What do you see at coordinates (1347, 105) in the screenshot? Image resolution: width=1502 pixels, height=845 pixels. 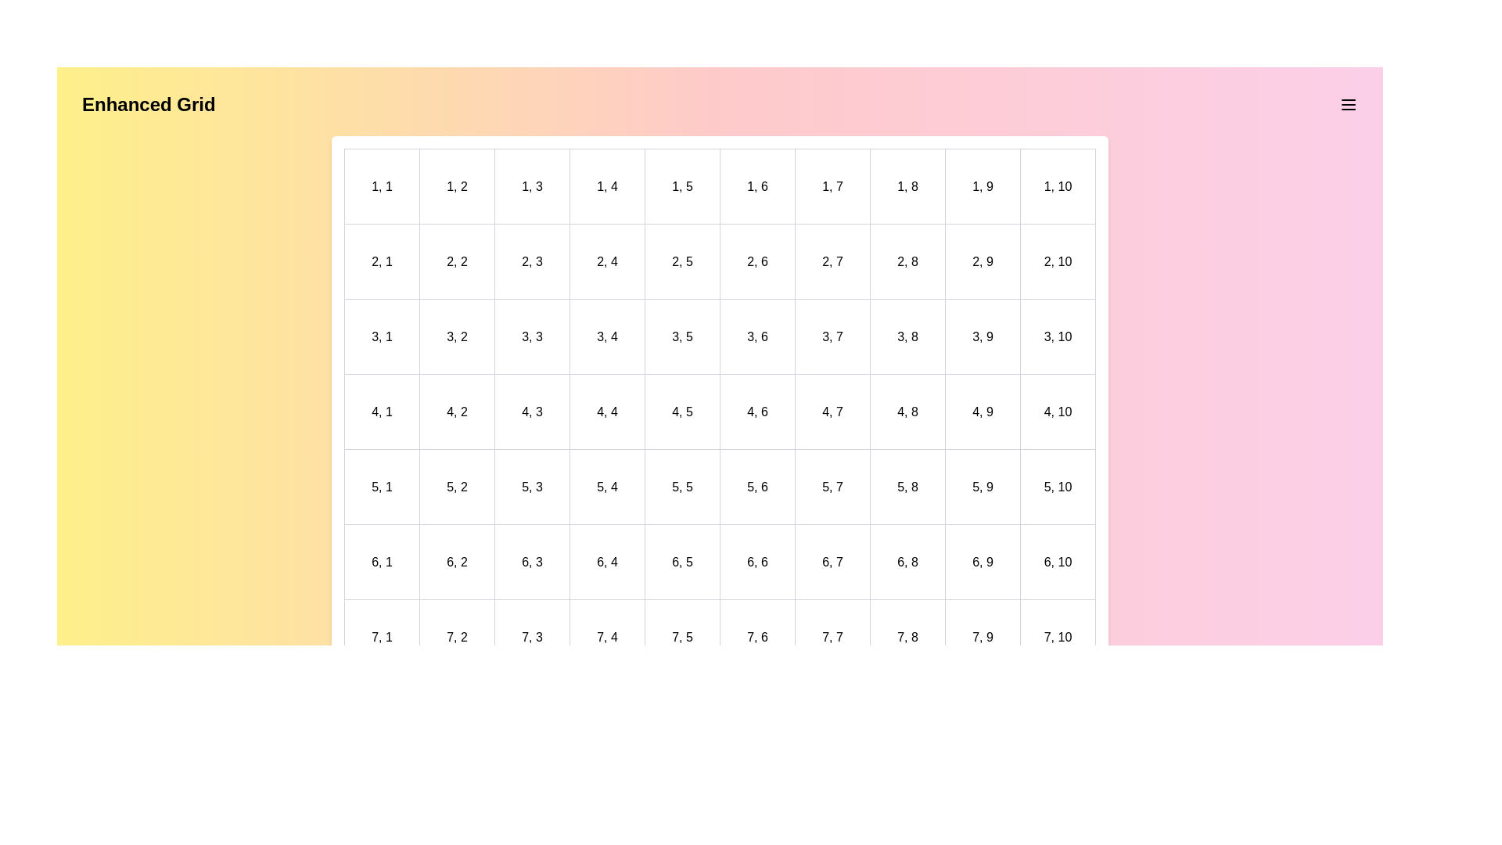 I see `the menu icon to open the menu` at bounding box center [1347, 105].